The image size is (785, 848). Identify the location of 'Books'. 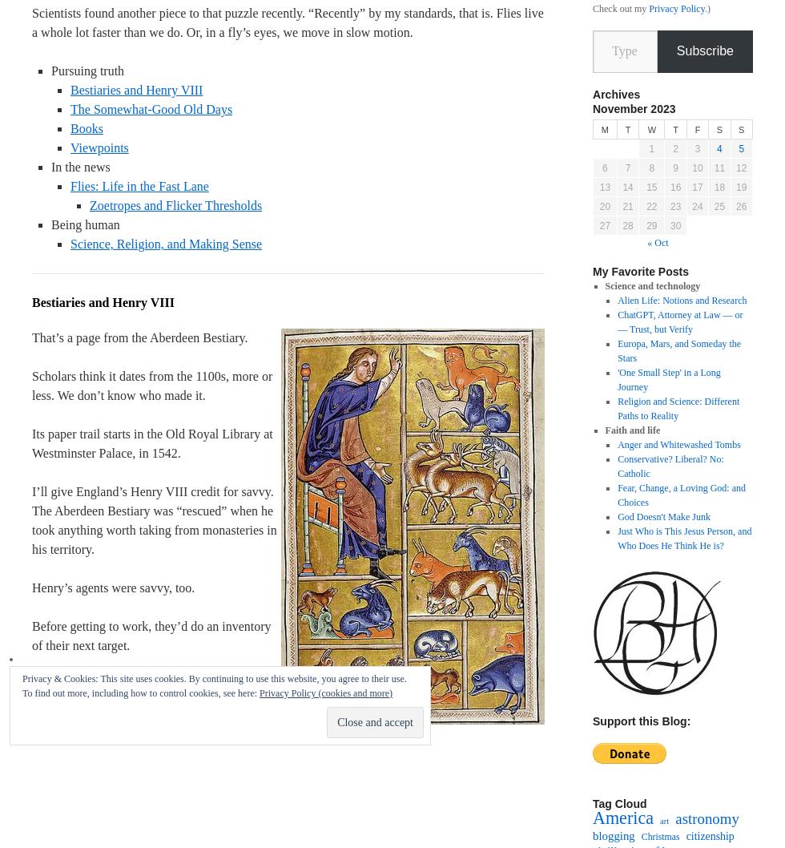
(70, 127).